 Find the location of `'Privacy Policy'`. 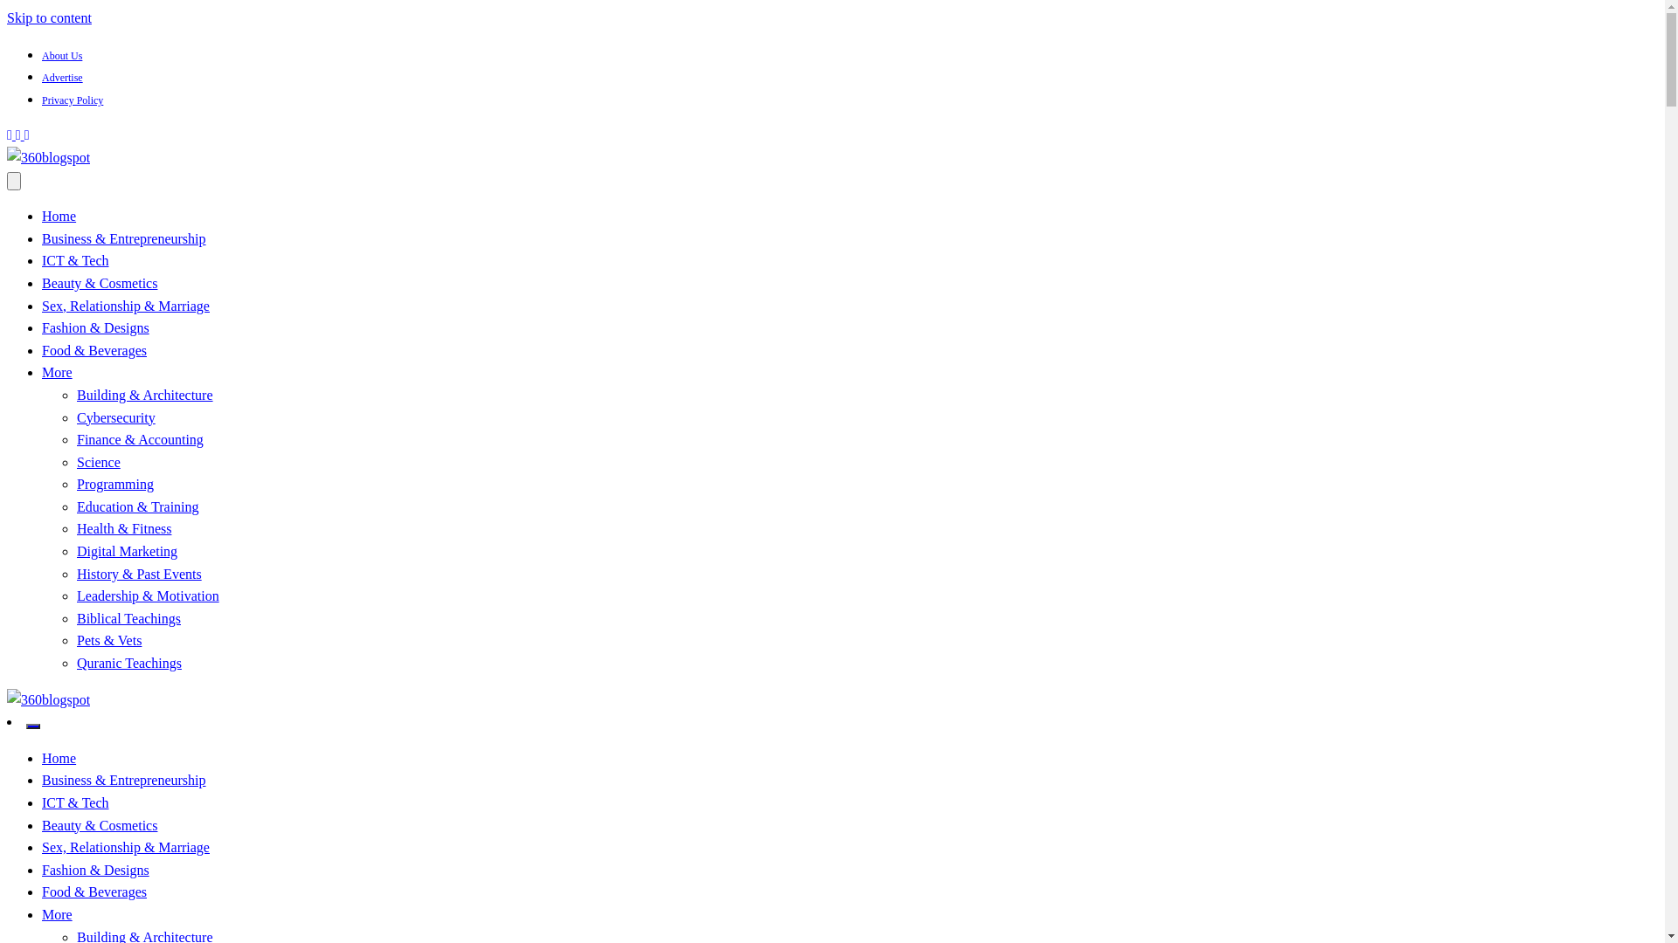

'Privacy Policy' is located at coordinates (42, 100).